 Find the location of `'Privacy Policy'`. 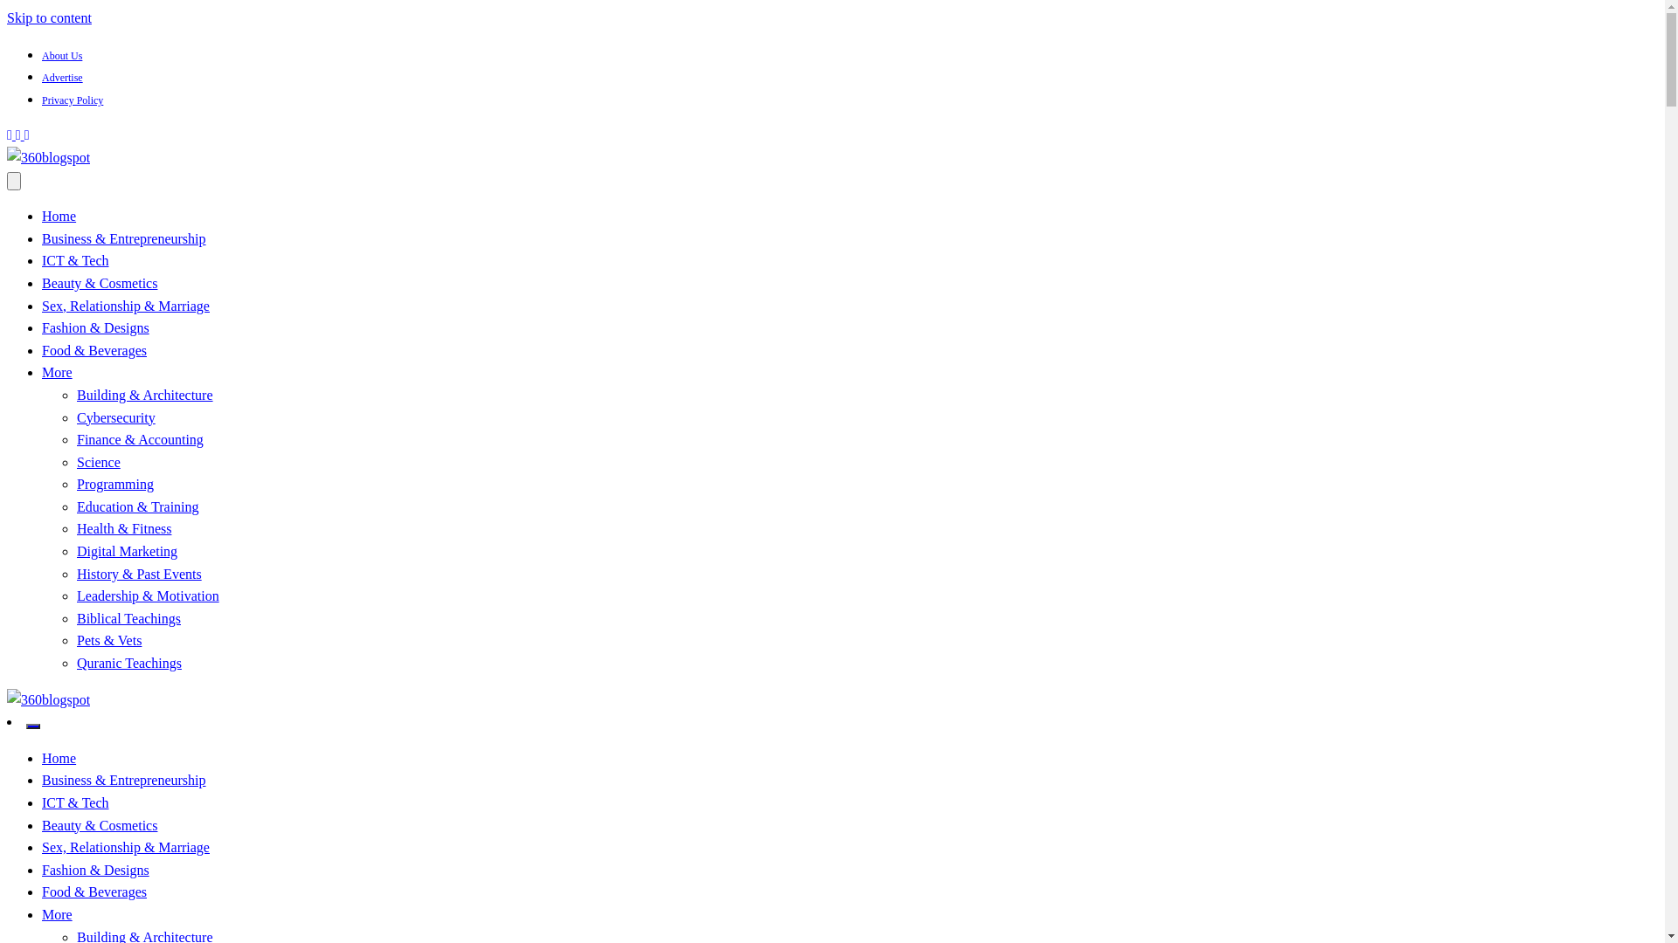

'Privacy Policy' is located at coordinates (42, 100).